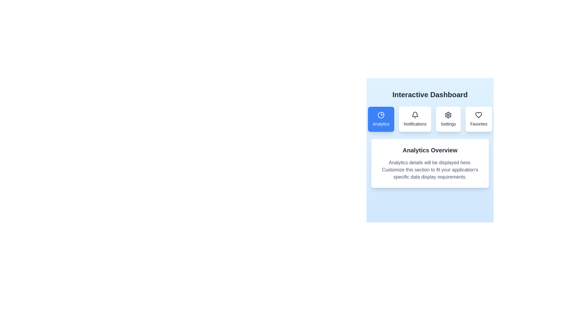 The width and height of the screenshot is (573, 322). I want to click on the gear icon representing settings, located at the center-top of the 'Settings' button in the Interactive Dashboard interface, so click(448, 115).